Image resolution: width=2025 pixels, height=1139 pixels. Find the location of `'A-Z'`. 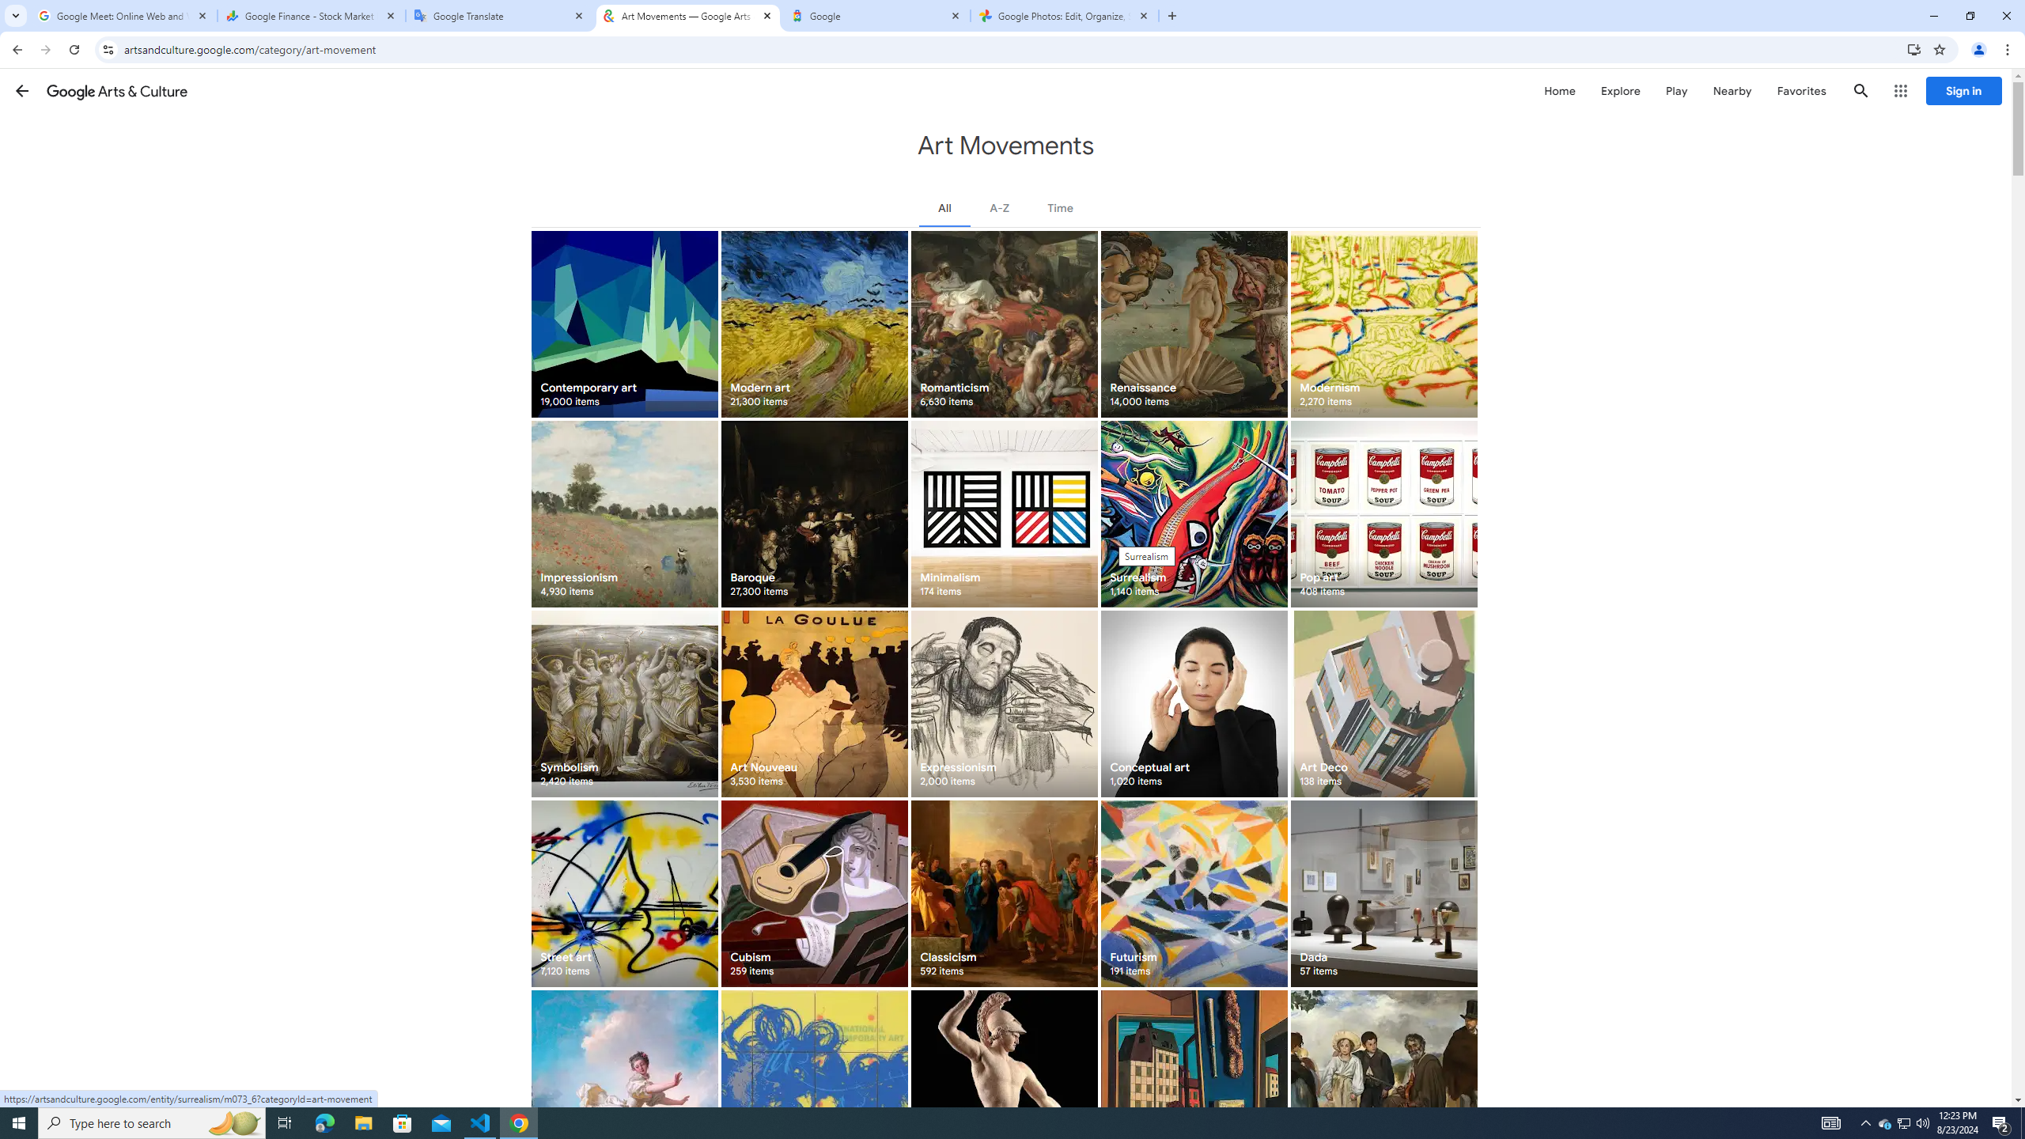

'A-Z' is located at coordinates (999, 206).